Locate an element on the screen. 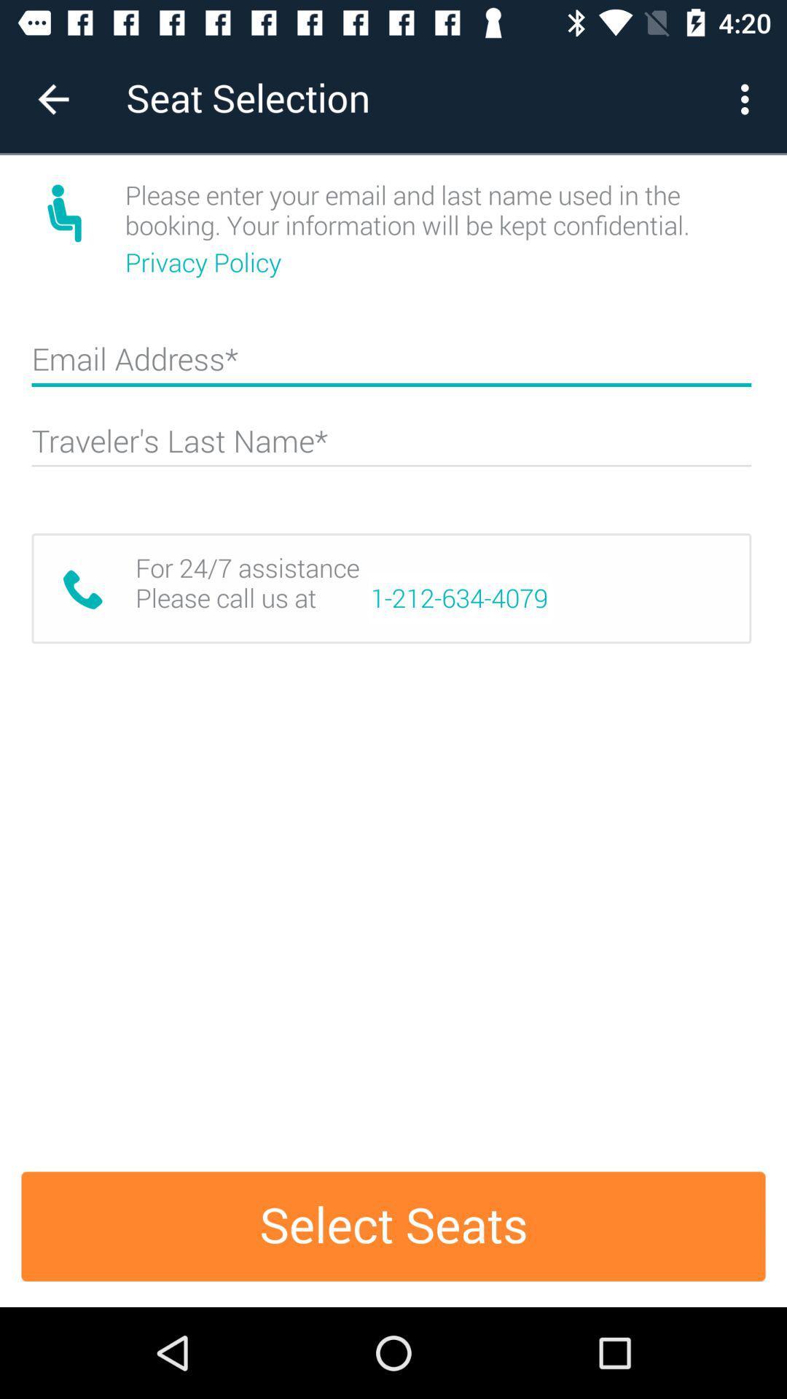 The image size is (787, 1399). last name is located at coordinates (391, 447).